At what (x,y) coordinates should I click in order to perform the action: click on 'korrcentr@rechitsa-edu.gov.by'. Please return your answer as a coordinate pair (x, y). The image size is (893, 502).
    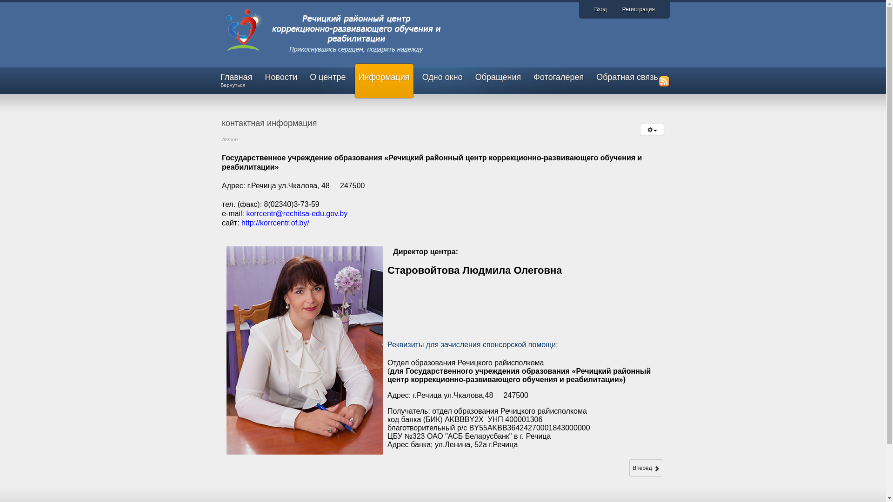
    Looking at the image, I should click on (296, 213).